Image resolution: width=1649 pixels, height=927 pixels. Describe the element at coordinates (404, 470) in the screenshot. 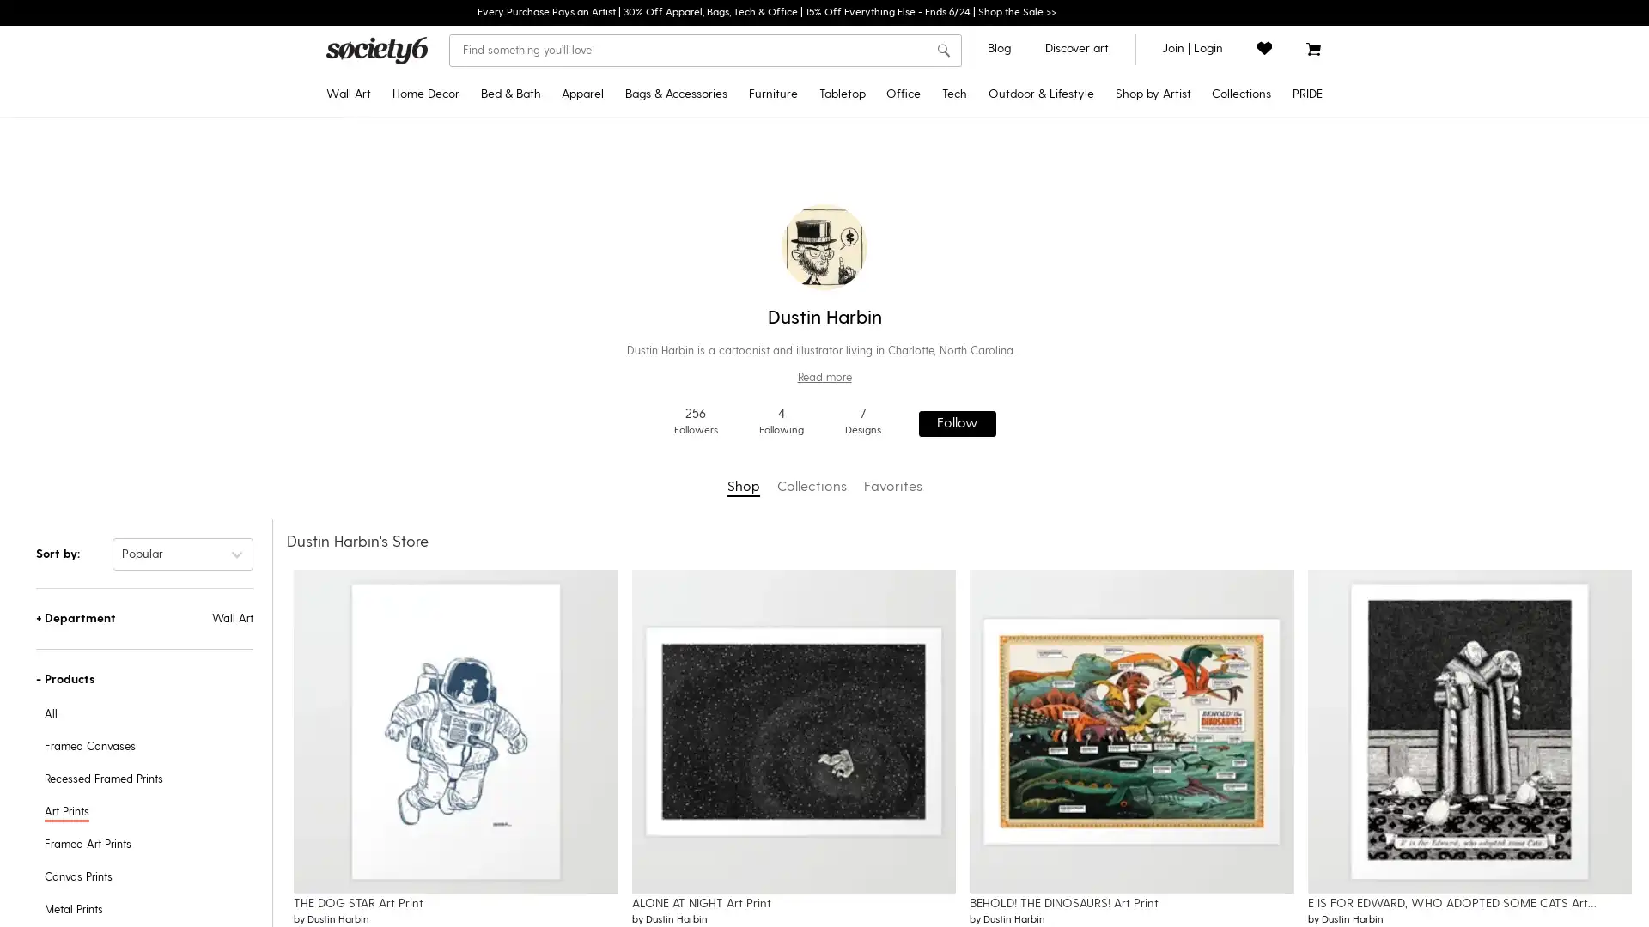

I see `Framed Mini Art Prints` at that location.